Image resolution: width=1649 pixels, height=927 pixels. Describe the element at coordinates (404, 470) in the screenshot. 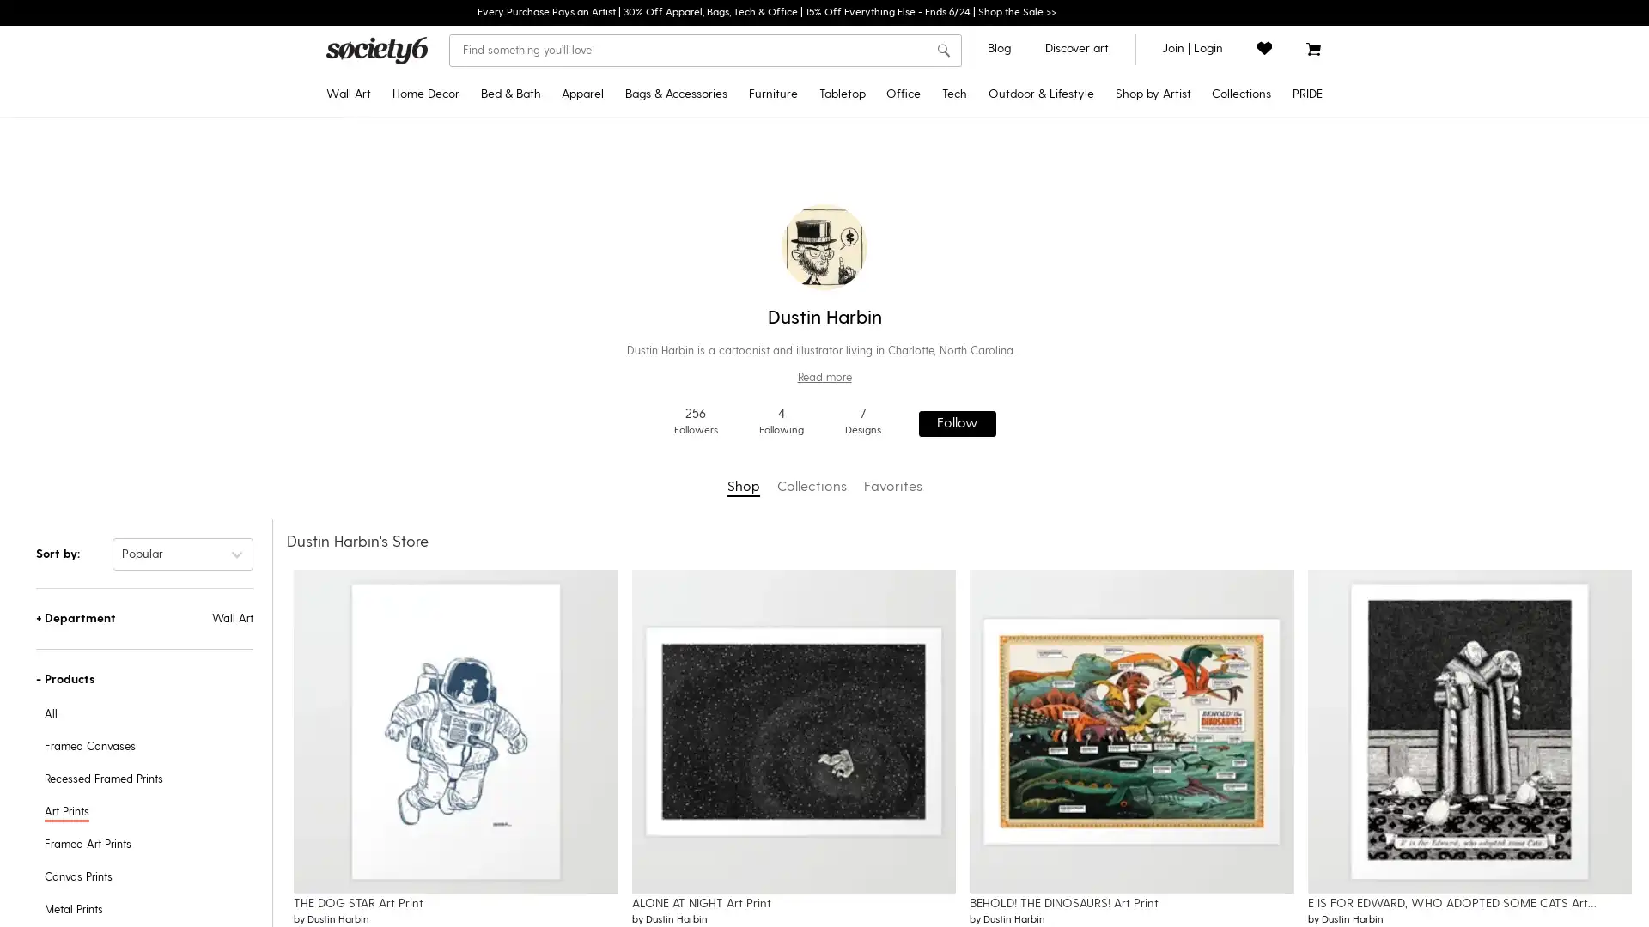

I see `Framed Mini Art Prints` at that location.